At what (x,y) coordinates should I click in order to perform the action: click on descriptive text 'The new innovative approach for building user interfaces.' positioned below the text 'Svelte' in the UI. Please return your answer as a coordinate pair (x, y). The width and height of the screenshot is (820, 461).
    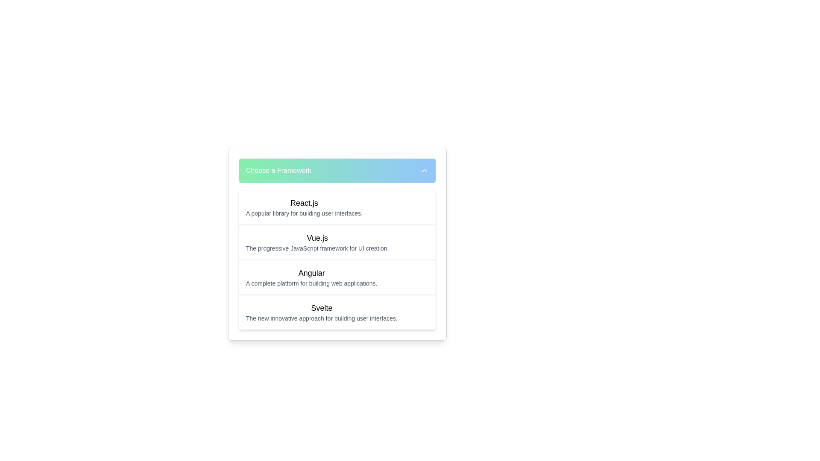
    Looking at the image, I should click on (321, 318).